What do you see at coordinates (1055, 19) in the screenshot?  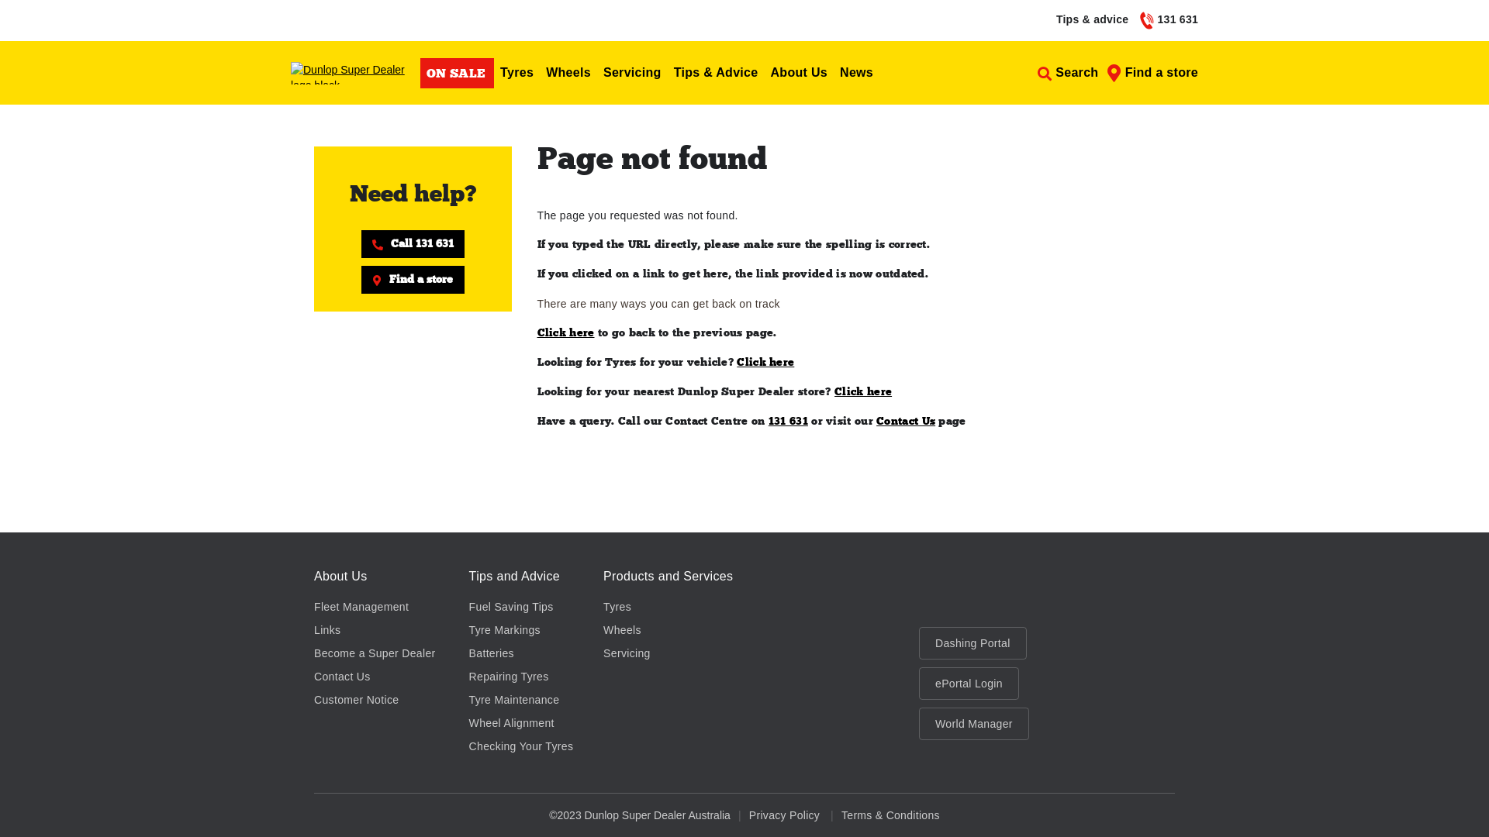 I see `'Tips & advice'` at bounding box center [1055, 19].